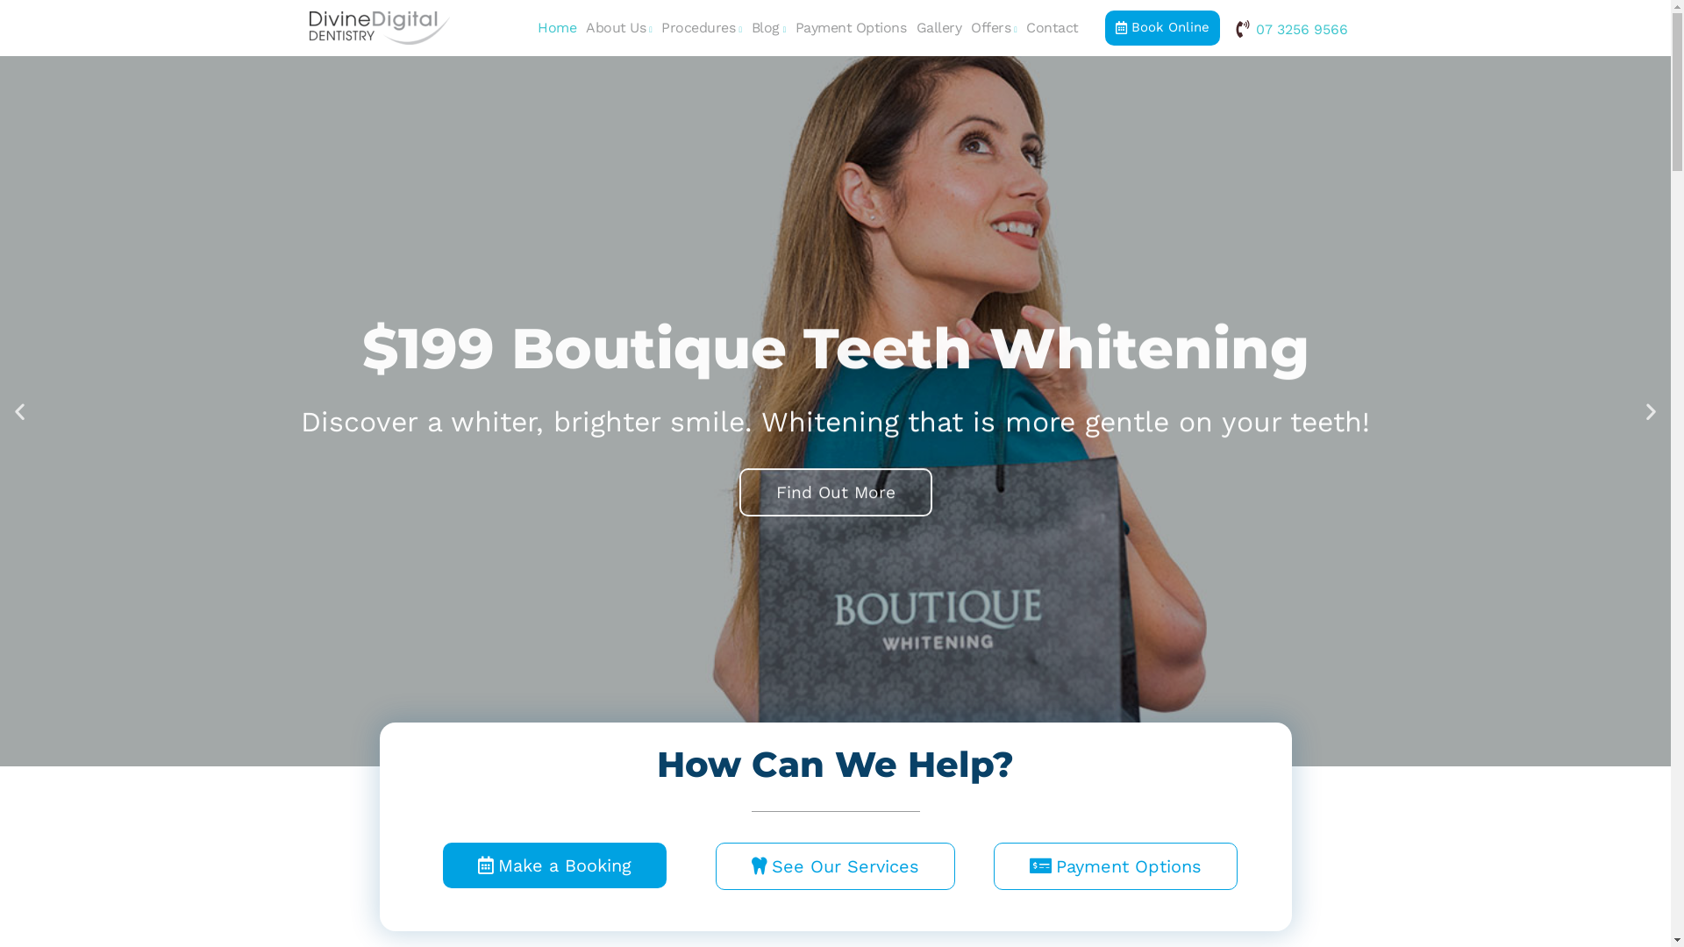  Describe the element at coordinates (850, 27) in the screenshot. I see `'Payment Options'` at that location.